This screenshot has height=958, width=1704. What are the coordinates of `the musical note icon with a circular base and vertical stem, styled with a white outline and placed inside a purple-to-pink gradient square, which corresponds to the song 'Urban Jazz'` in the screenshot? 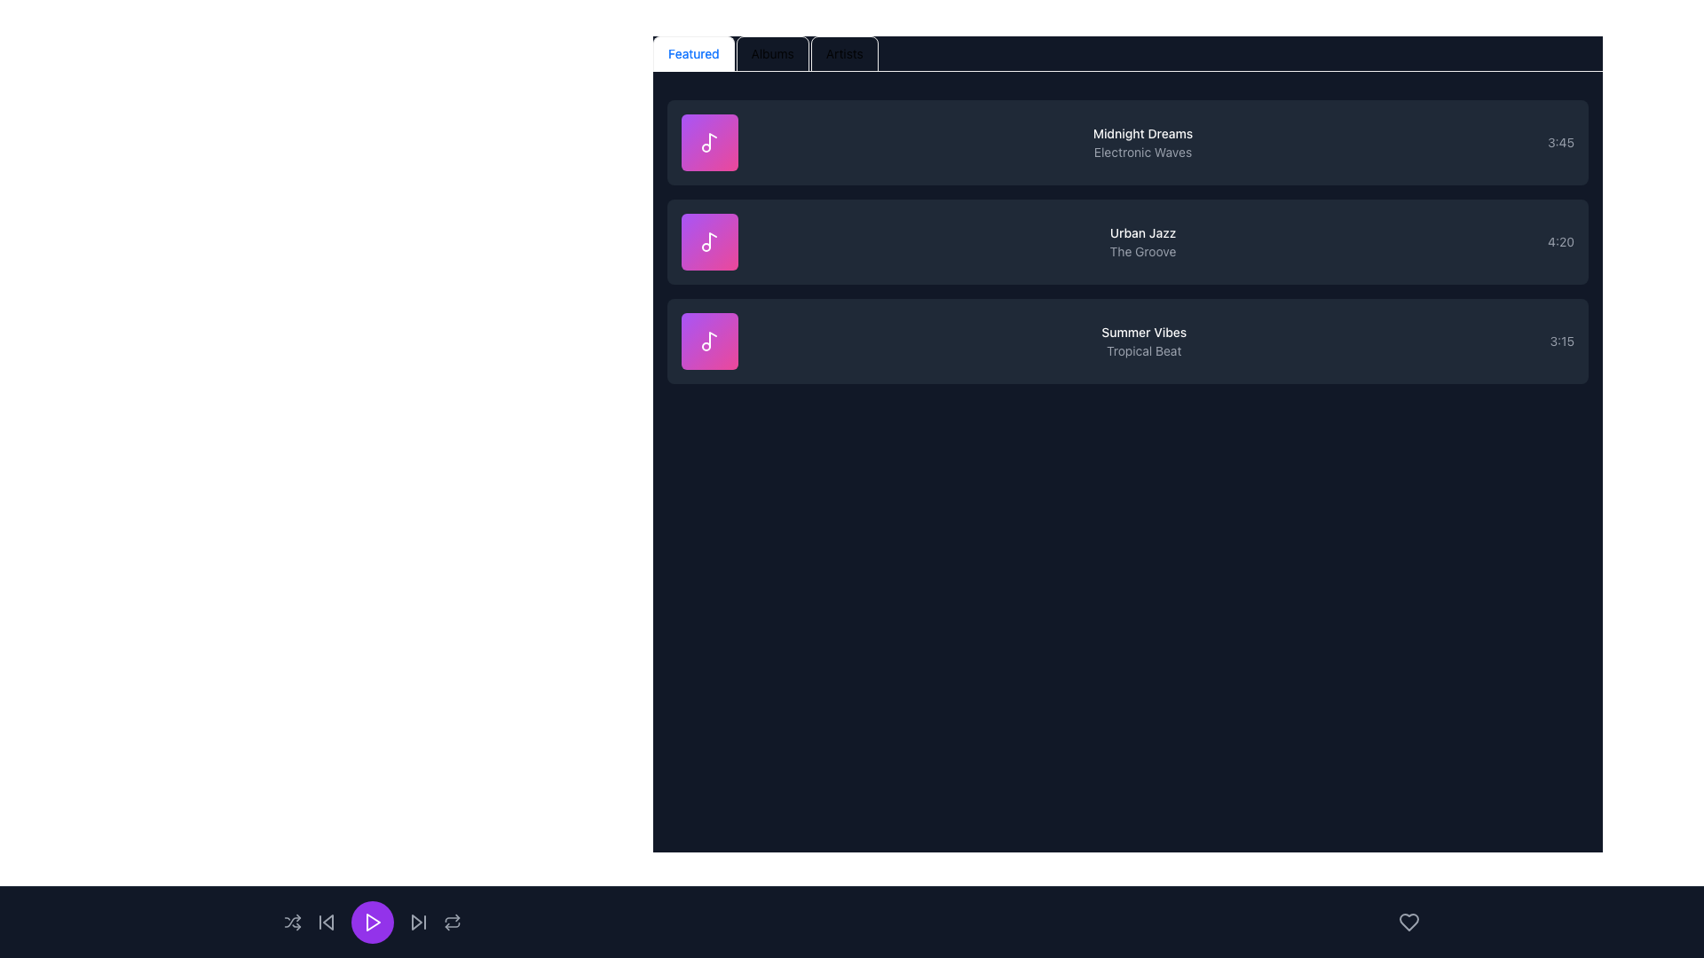 It's located at (710, 242).